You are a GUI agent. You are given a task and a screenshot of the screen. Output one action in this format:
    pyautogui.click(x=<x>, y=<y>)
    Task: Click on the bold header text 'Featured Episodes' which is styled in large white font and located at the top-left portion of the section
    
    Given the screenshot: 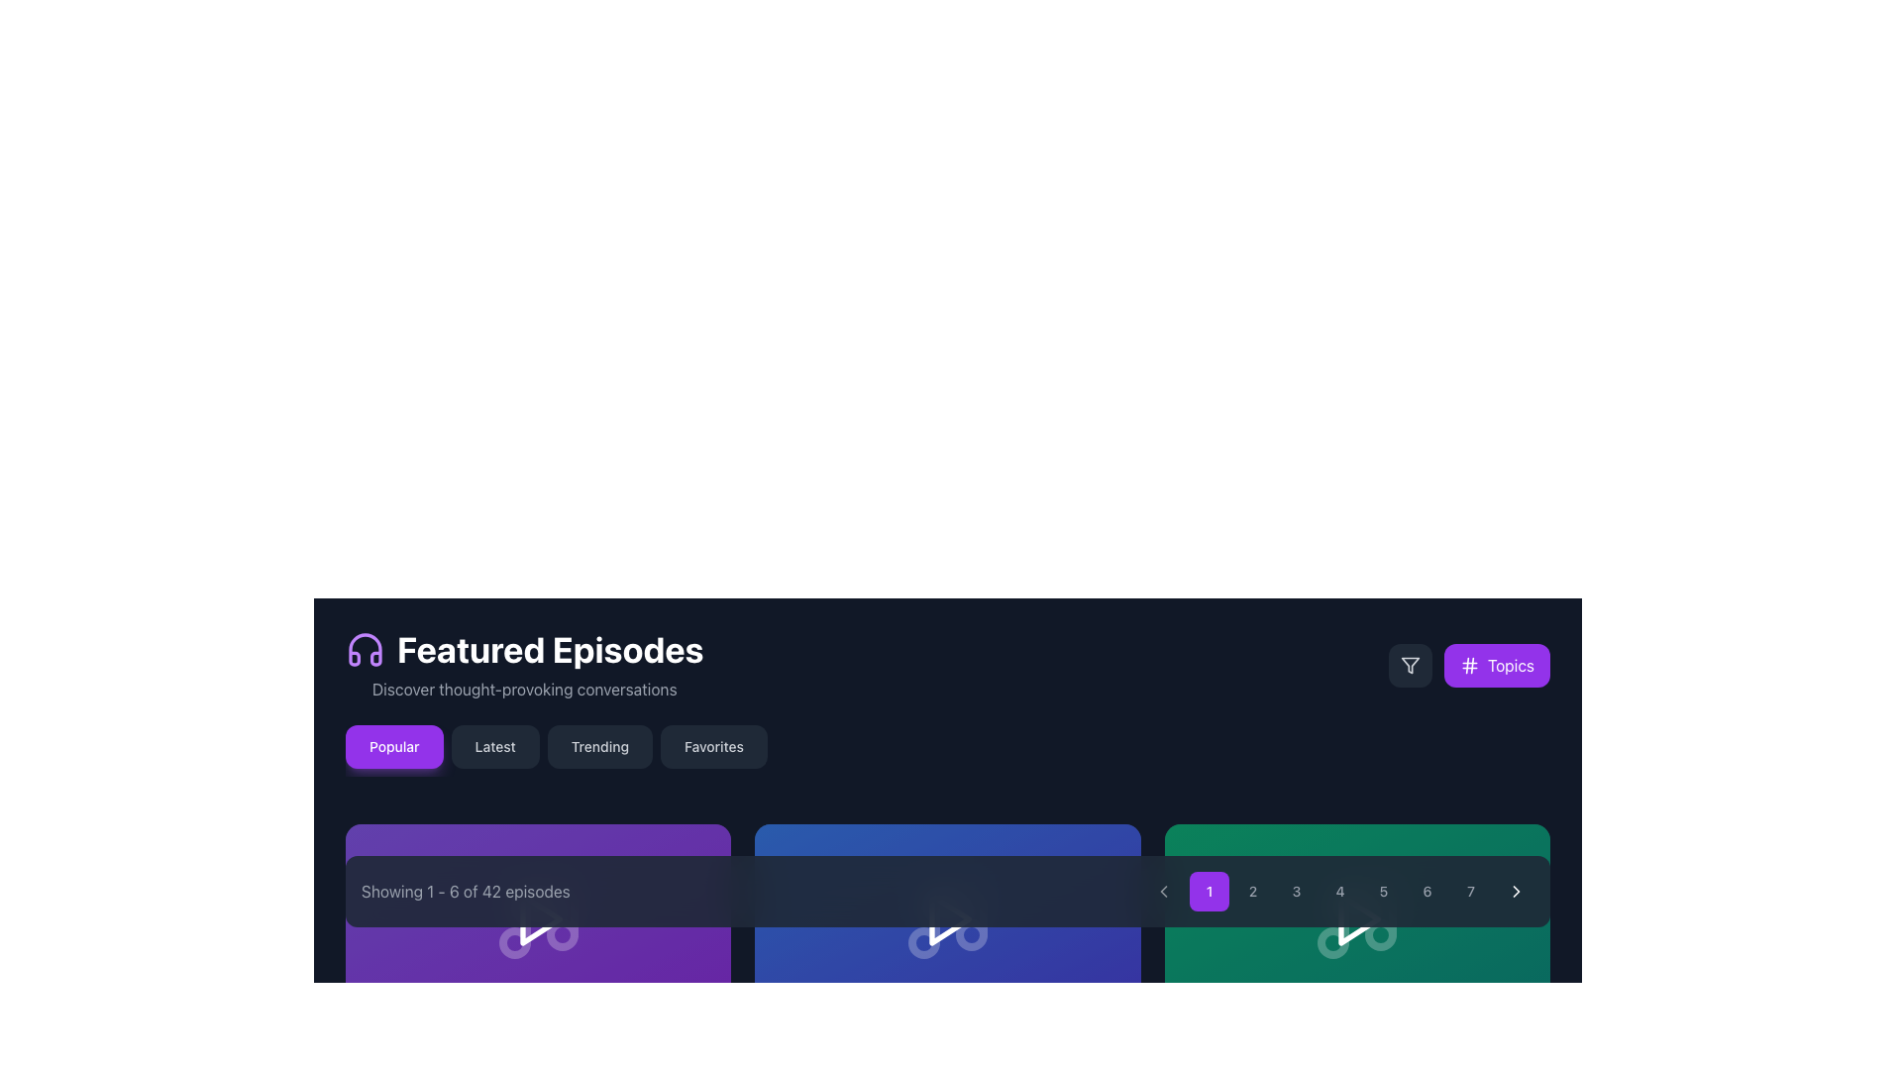 What is the action you would take?
    pyautogui.click(x=524, y=649)
    